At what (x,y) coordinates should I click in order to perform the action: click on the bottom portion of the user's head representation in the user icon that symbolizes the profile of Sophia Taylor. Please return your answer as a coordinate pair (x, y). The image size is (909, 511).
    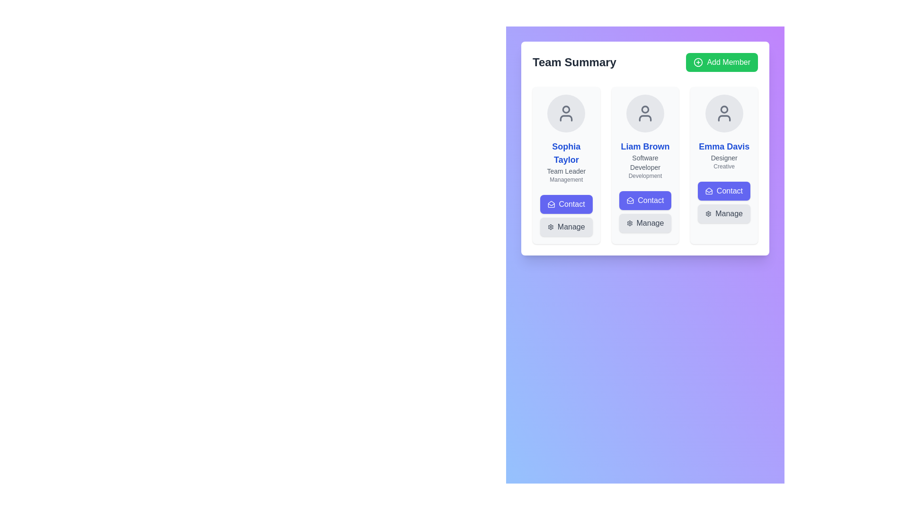
    Looking at the image, I should click on (566, 118).